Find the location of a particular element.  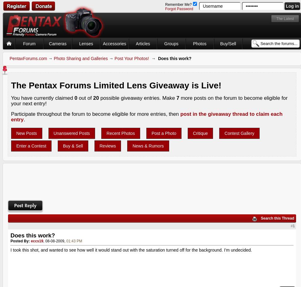

'The Pentax Forums Limited Lens Giveaway is Live!' is located at coordinates (115, 85).